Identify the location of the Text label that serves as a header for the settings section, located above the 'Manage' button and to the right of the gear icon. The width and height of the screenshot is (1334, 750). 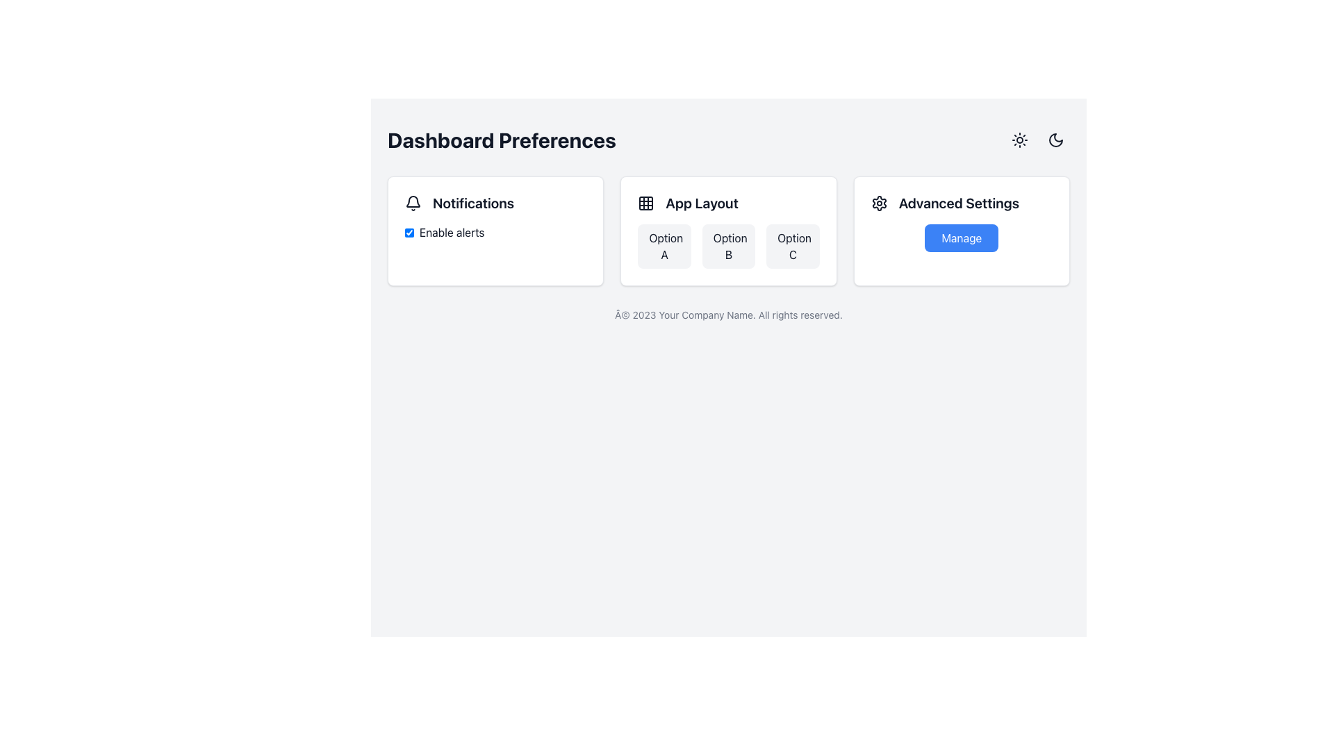
(961, 203).